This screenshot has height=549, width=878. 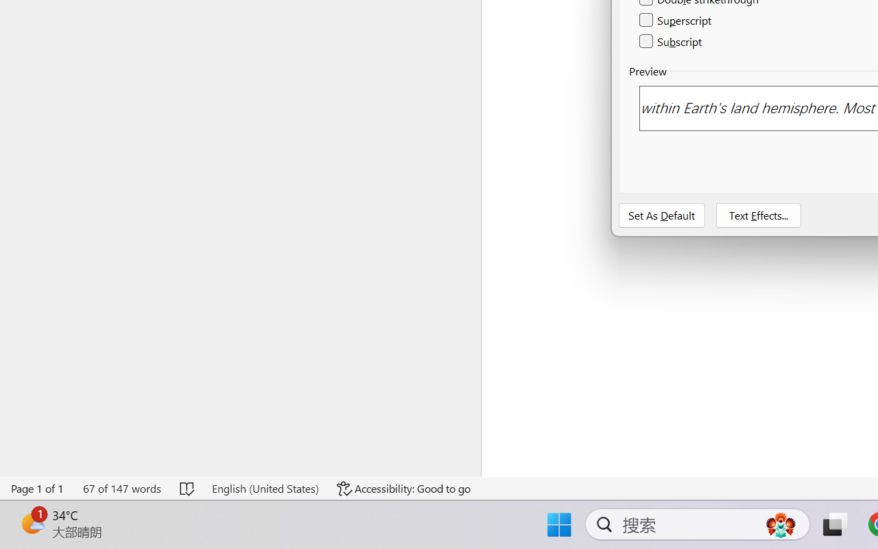 What do you see at coordinates (757, 215) in the screenshot?
I see `'Text Effects...'` at bounding box center [757, 215].